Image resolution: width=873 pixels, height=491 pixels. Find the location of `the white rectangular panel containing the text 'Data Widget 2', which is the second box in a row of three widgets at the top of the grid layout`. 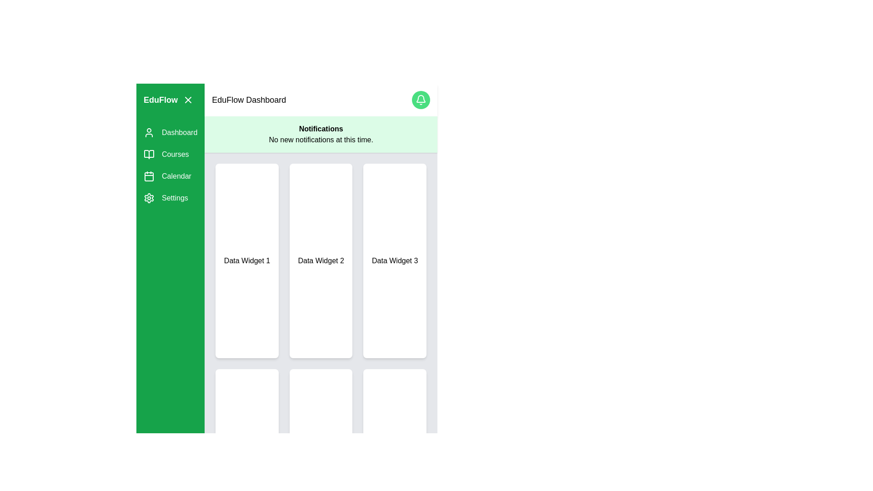

the white rectangular panel containing the text 'Data Widget 2', which is the second box in a row of three widgets at the top of the grid layout is located at coordinates (321, 261).